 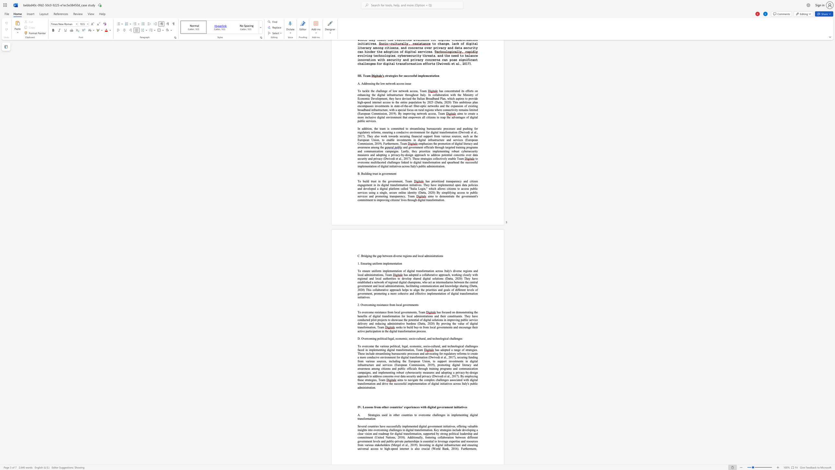 I want to click on the 2th character "g" in the text, so click(x=371, y=256).